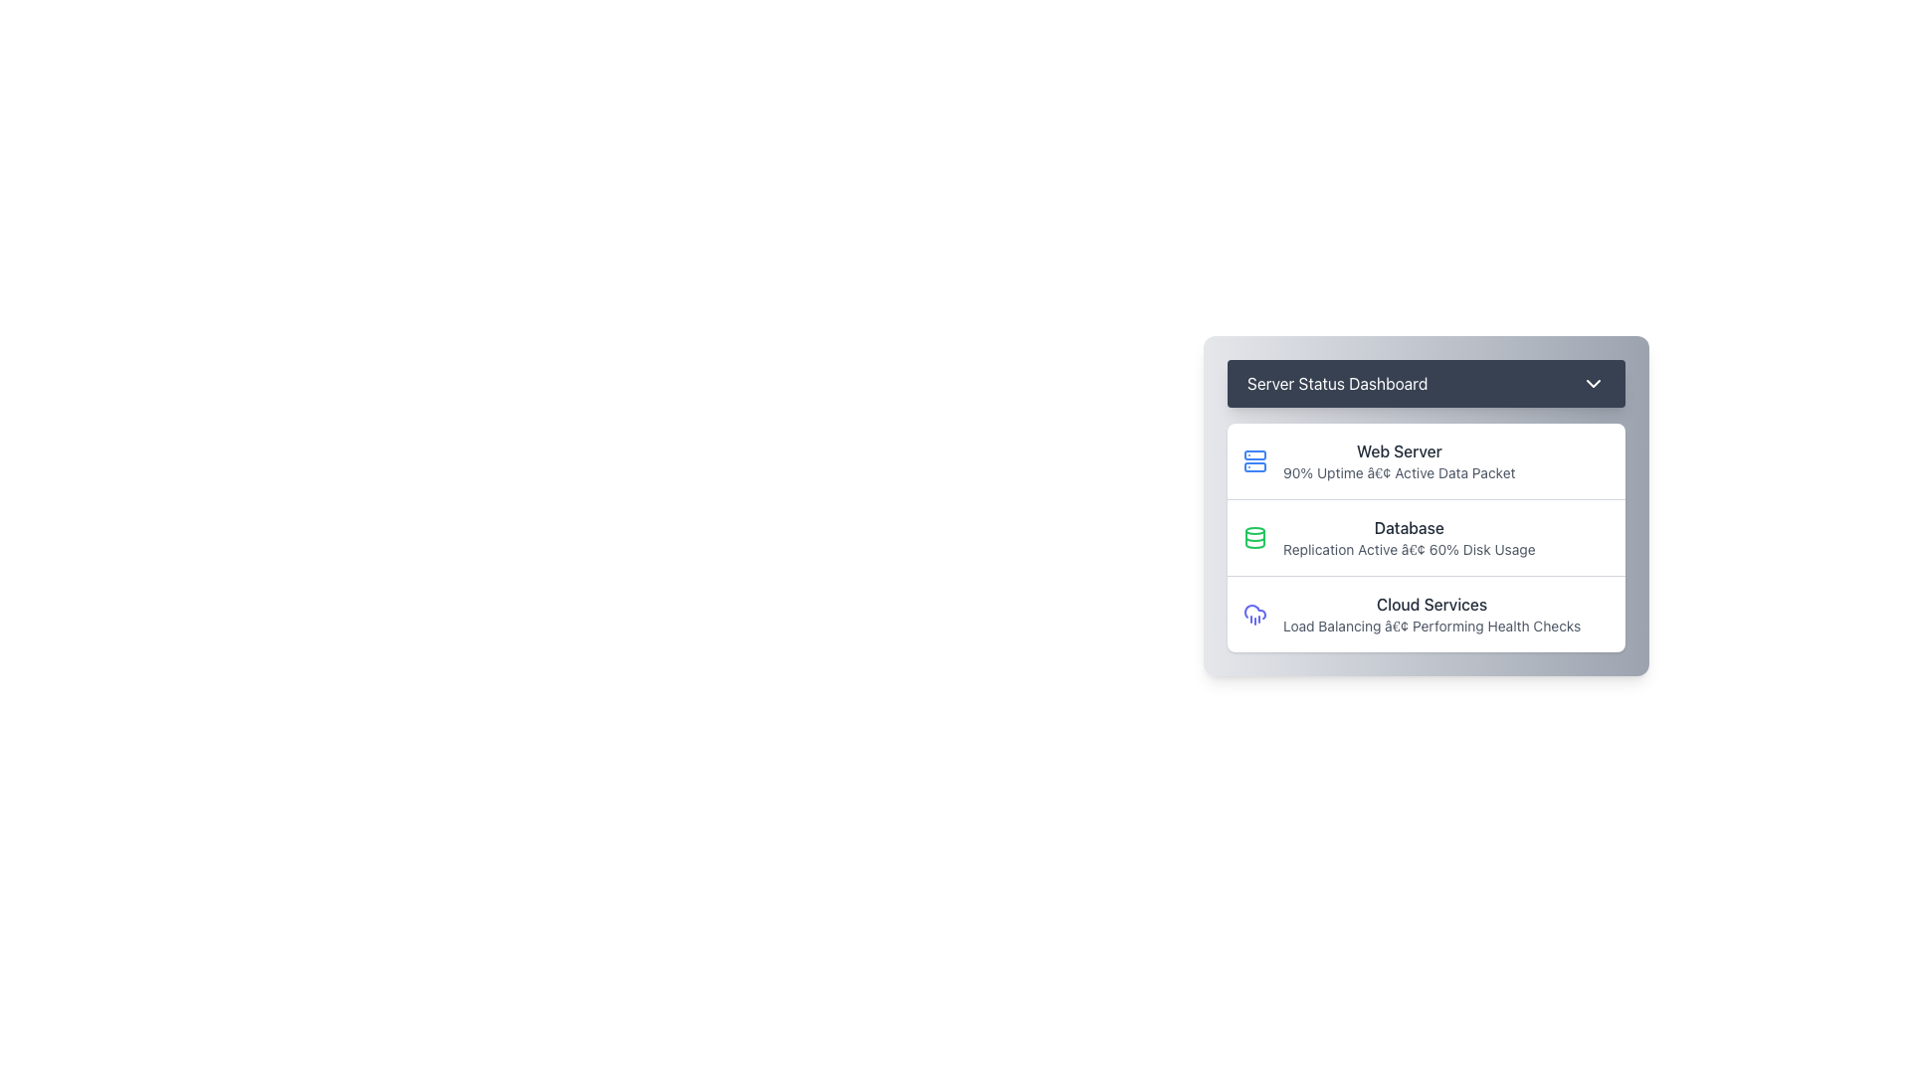 The width and height of the screenshot is (1910, 1074). I want to click on the Text Label displaying 'Replication Active â€¢ 60% Disk Usage' located below the 'Database' header, so click(1408, 549).